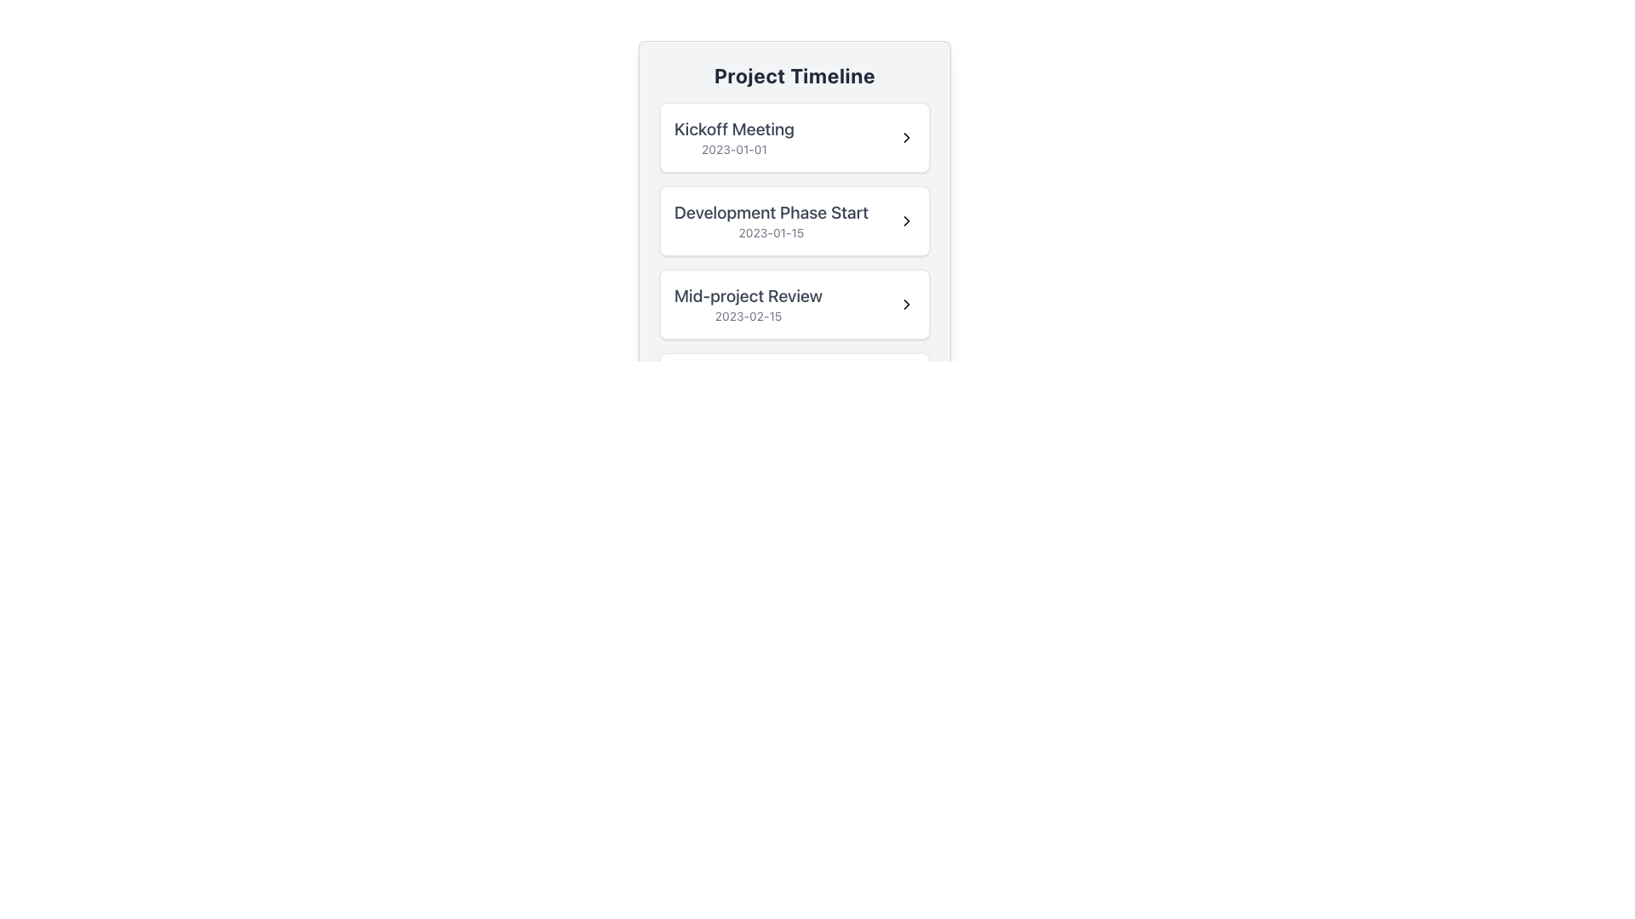  I want to click on the 'Mid-project Review' list item in the Project Timeline interface, so click(794, 304).